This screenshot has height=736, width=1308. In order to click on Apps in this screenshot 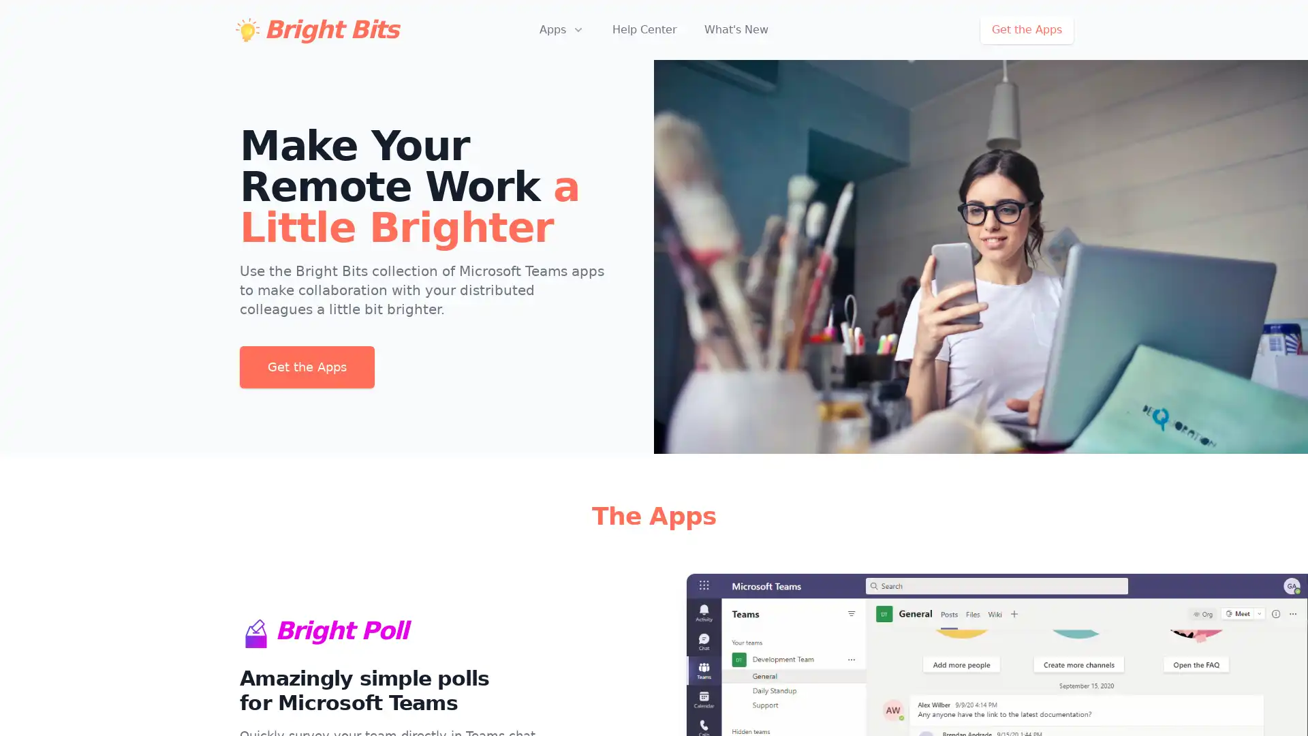, I will do `click(562, 29)`.